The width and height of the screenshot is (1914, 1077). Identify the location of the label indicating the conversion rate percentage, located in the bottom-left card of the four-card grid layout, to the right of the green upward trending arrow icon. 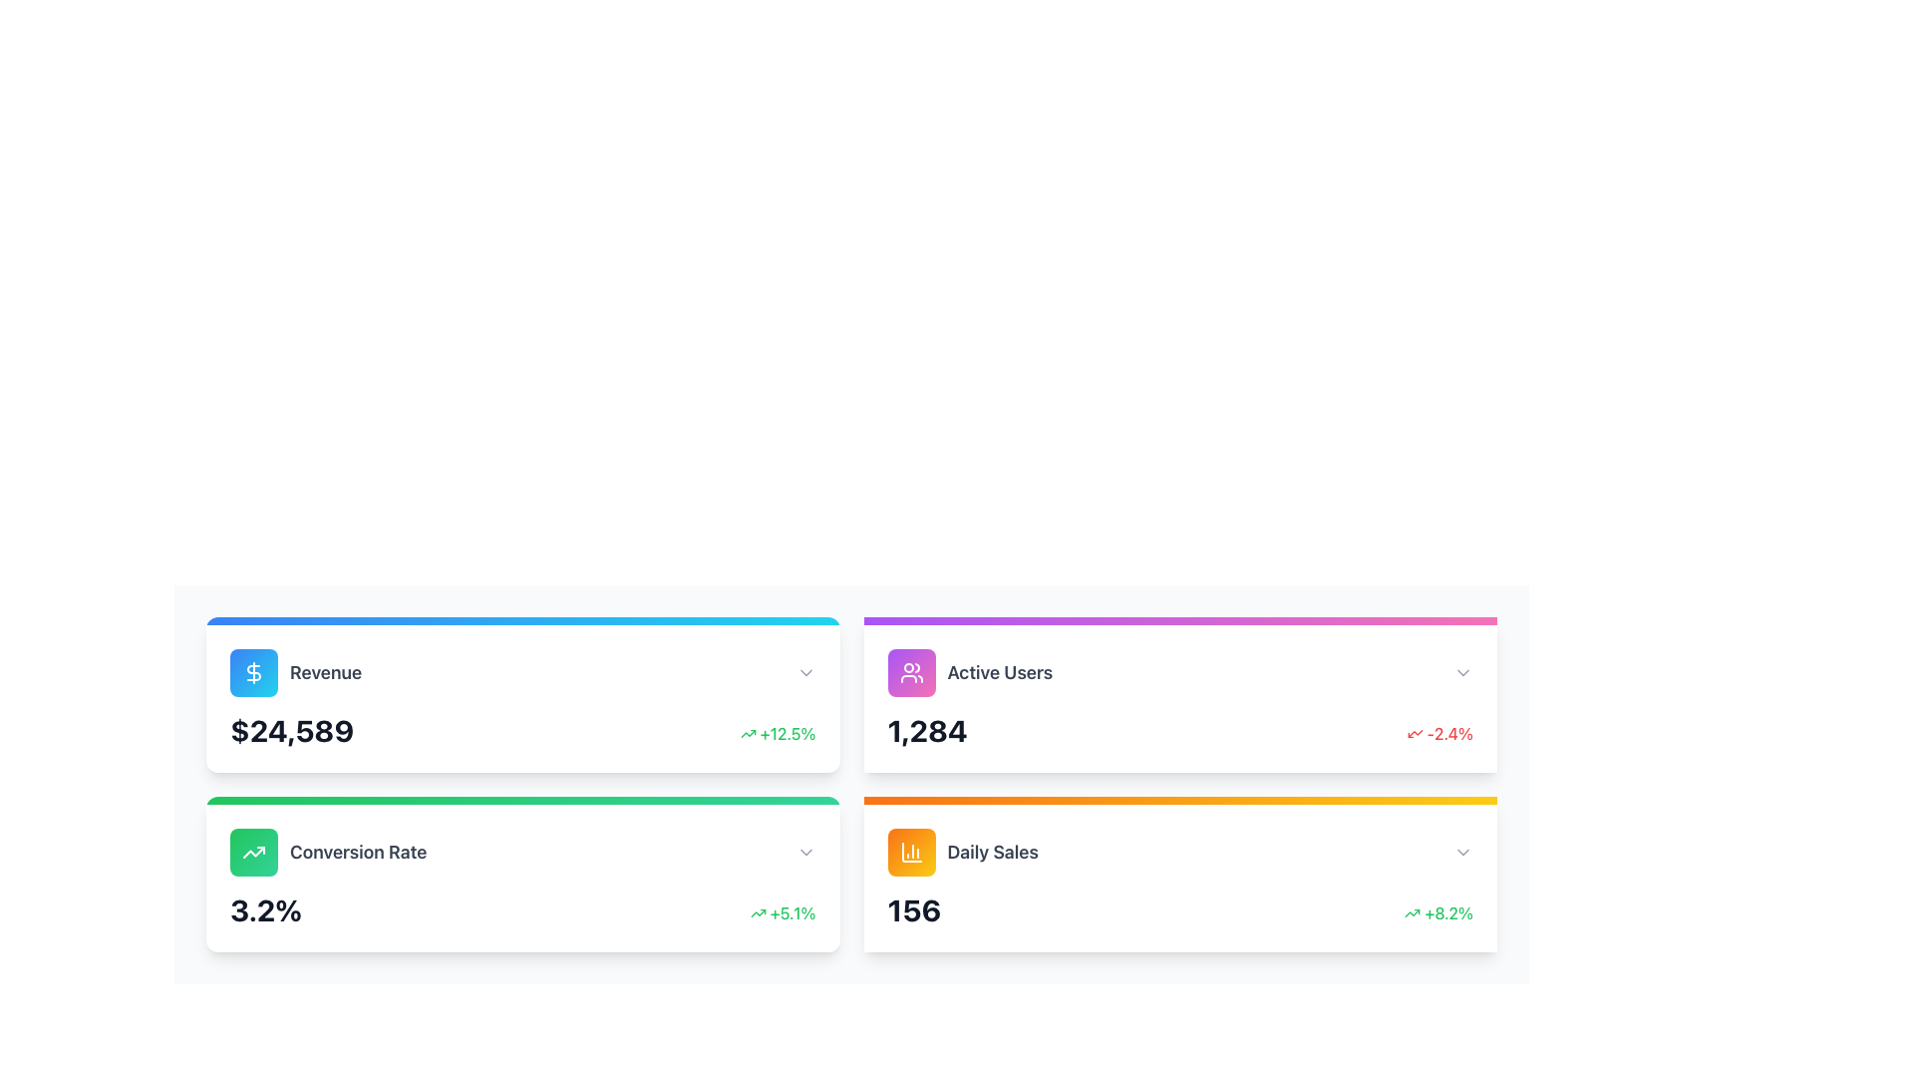
(358, 853).